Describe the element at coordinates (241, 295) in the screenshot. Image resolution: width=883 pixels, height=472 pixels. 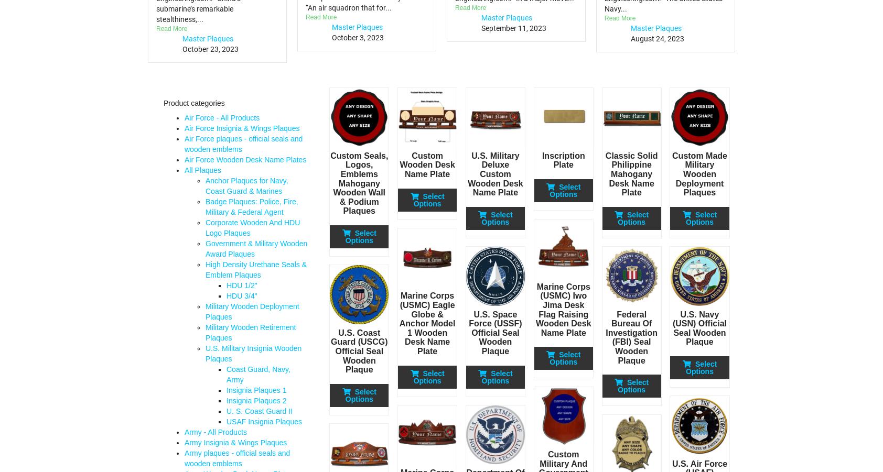
I see `'HDU 3/4"'` at that location.